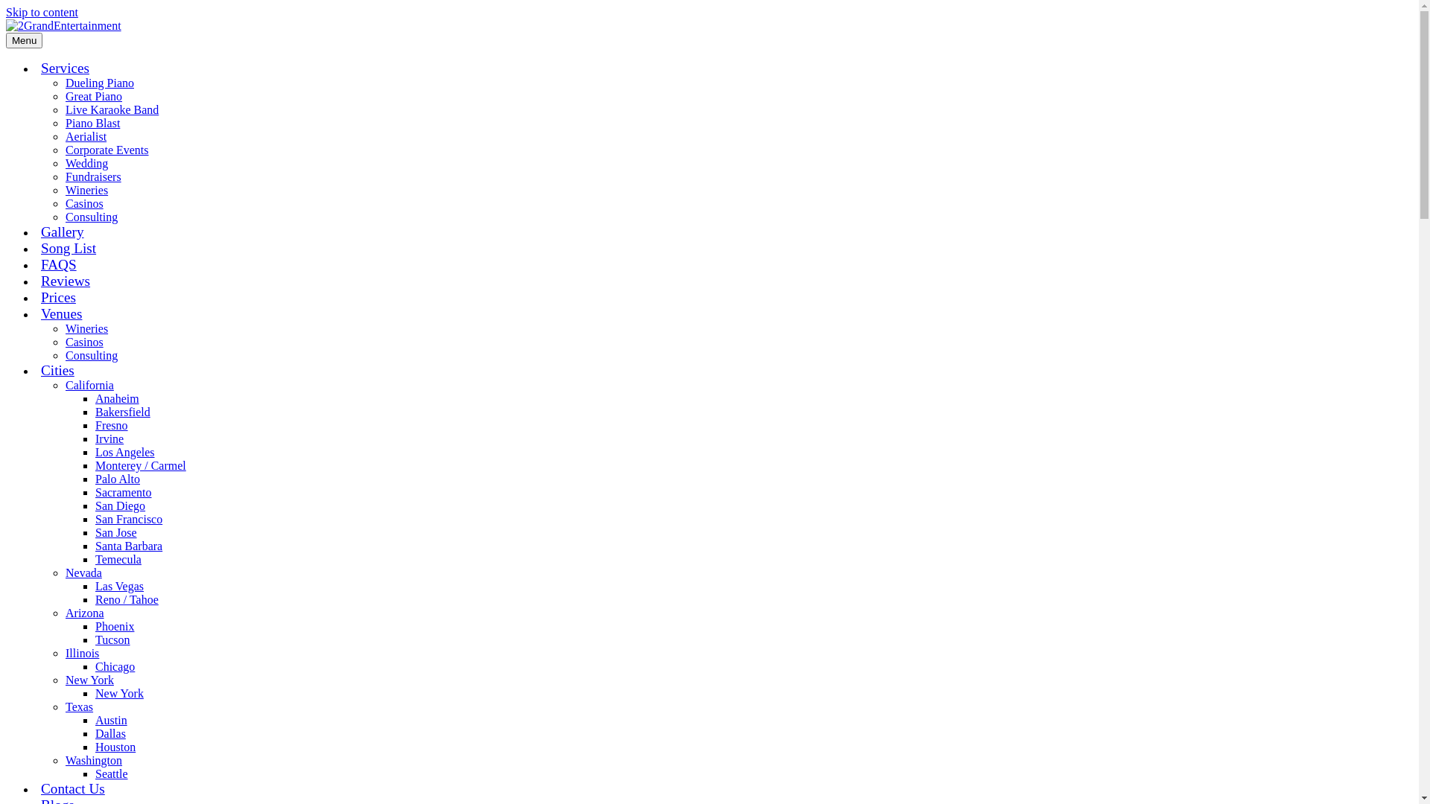  What do you see at coordinates (119, 585) in the screenshot?
I see `'Las Vegas'` at bounding box center [119, 585].